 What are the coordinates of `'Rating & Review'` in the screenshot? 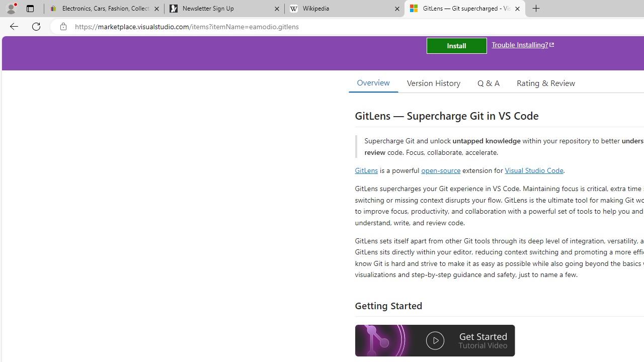 It's located at (545, 82).